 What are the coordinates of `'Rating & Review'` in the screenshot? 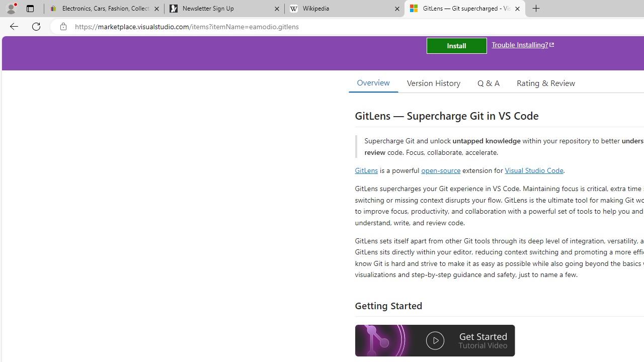 It's located at (545, 82).